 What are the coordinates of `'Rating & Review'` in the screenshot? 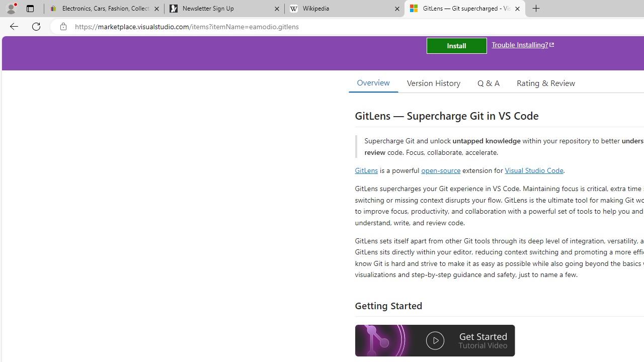 It's located at (545, 82).